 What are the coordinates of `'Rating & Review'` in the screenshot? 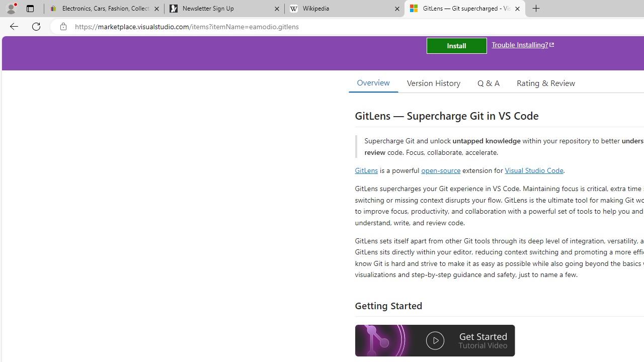 It's located at (545, 82).